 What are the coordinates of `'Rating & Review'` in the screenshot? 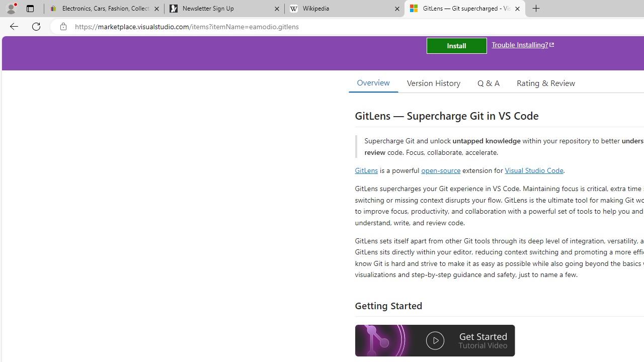 It's located at (545, 82).